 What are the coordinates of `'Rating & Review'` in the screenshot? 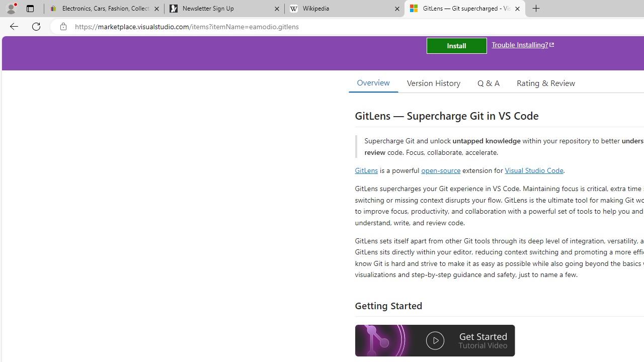 It's located at (545, 82).